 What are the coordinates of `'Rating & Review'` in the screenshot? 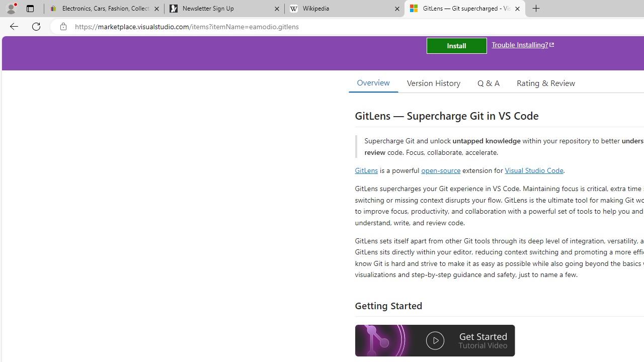 It's located at (545, 82).